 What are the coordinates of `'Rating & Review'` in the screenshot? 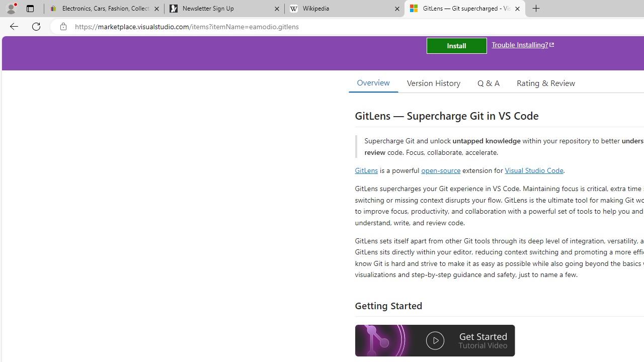 It's located at (545, 82).